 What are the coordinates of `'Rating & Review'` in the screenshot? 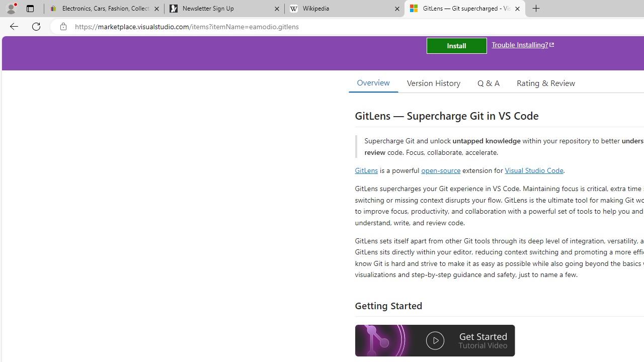 It's located at (545, 82).